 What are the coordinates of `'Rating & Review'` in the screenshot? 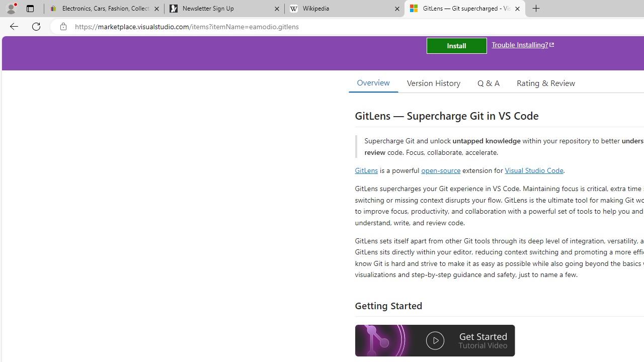 It's located at (545, 82).